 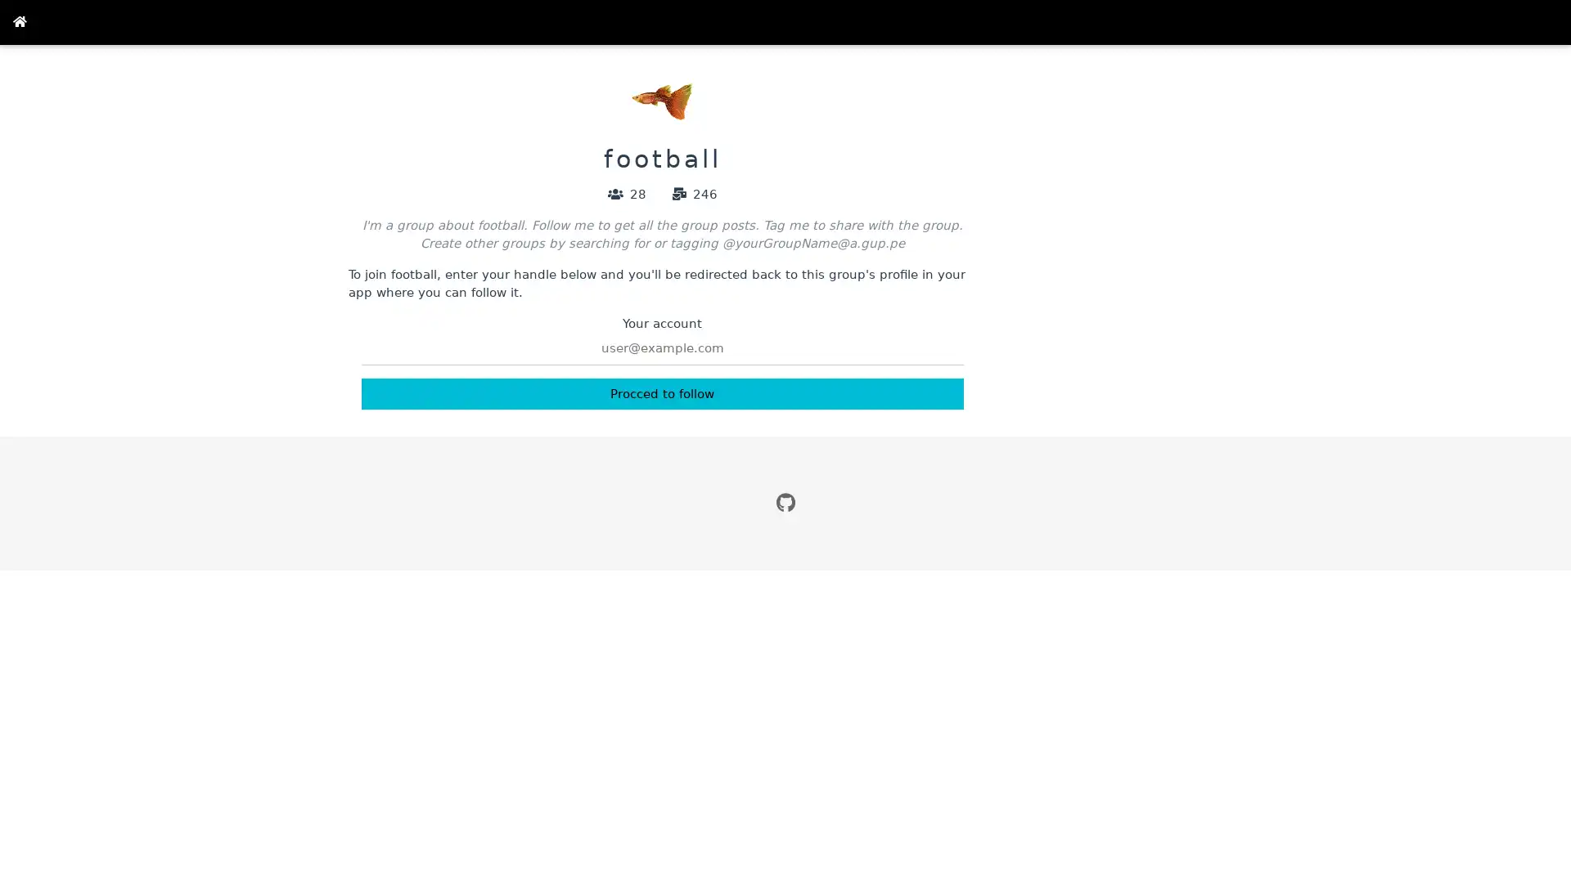 What do you see at coordinates (662, 393) in the screenshot?
I see `Procced to follow` at bounding box center [662, 393].